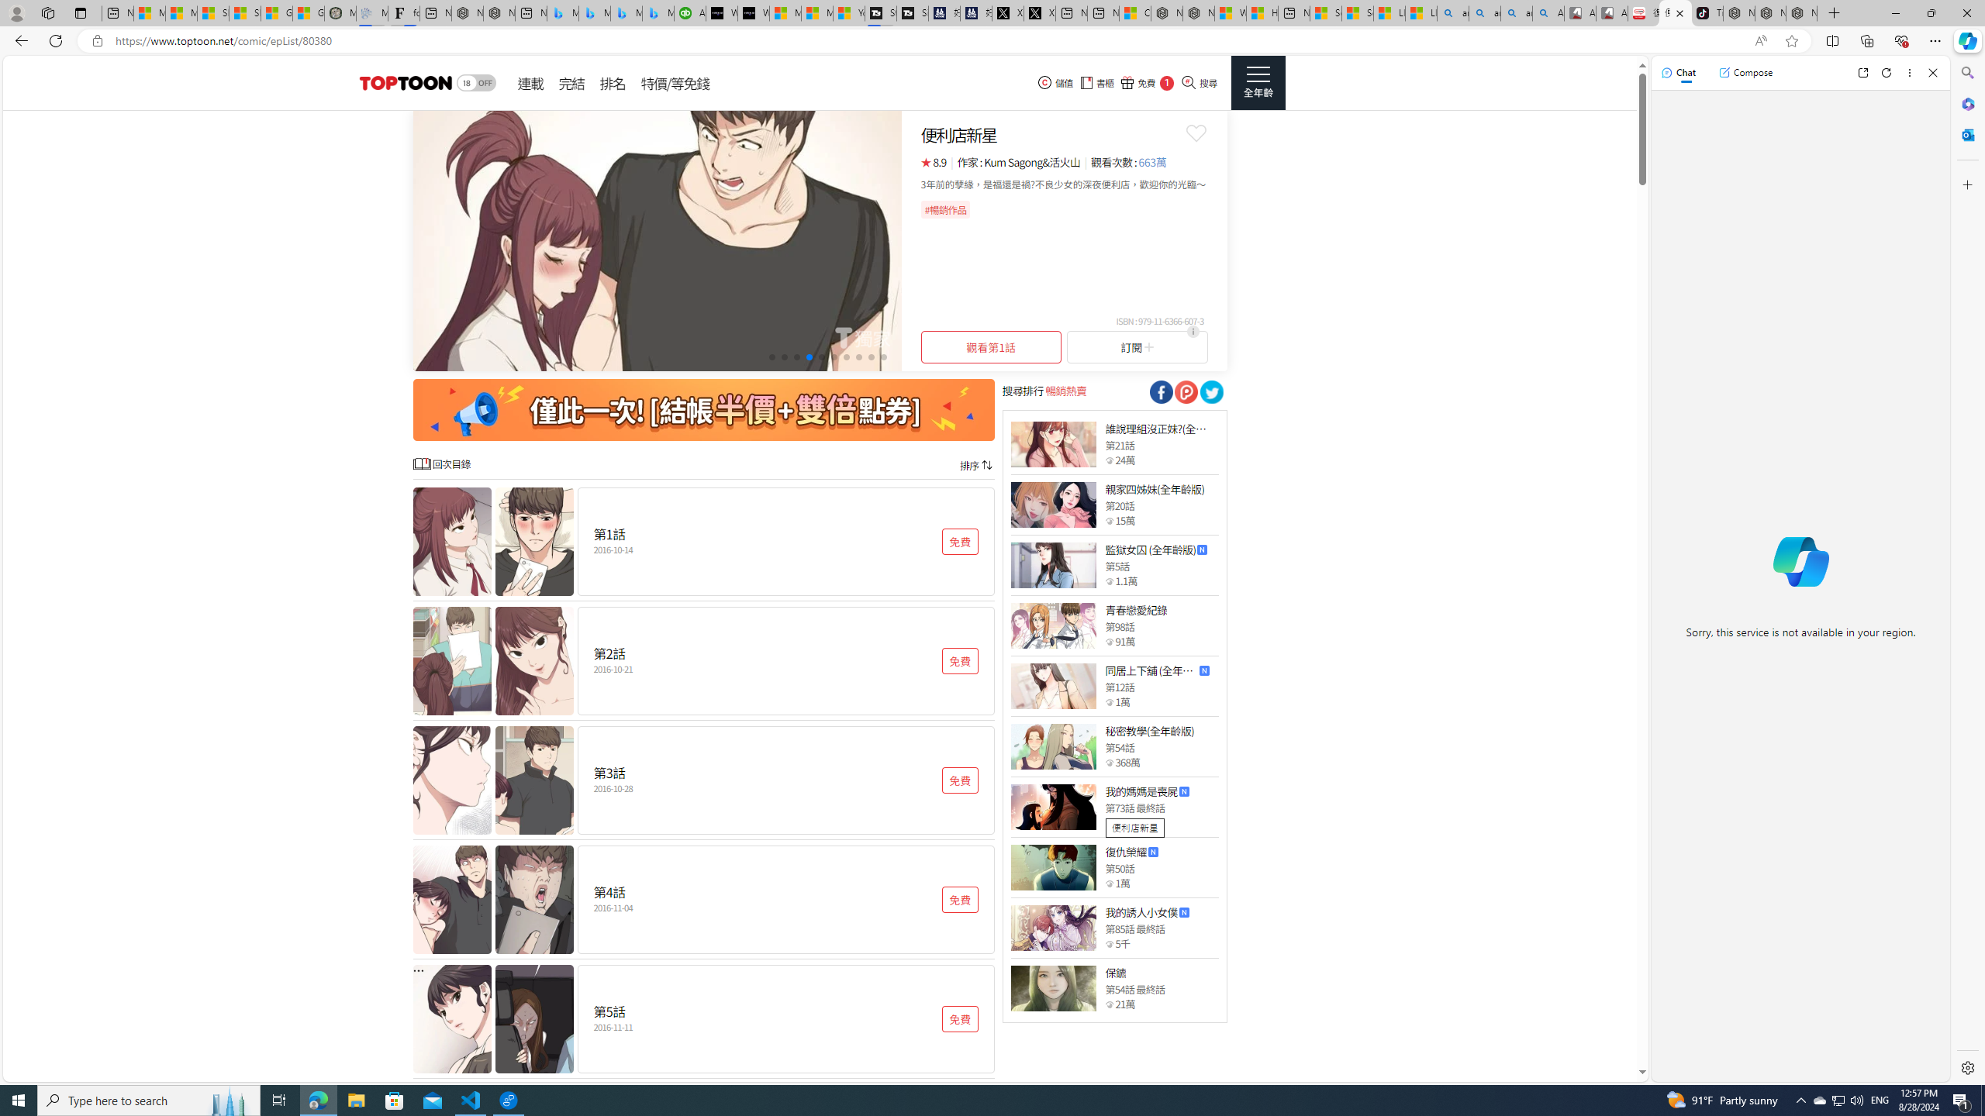 Image resolution: width=1985 pixels, height=1116 pixels. I want to click on 'Go to slide 6', so click(834, 356).